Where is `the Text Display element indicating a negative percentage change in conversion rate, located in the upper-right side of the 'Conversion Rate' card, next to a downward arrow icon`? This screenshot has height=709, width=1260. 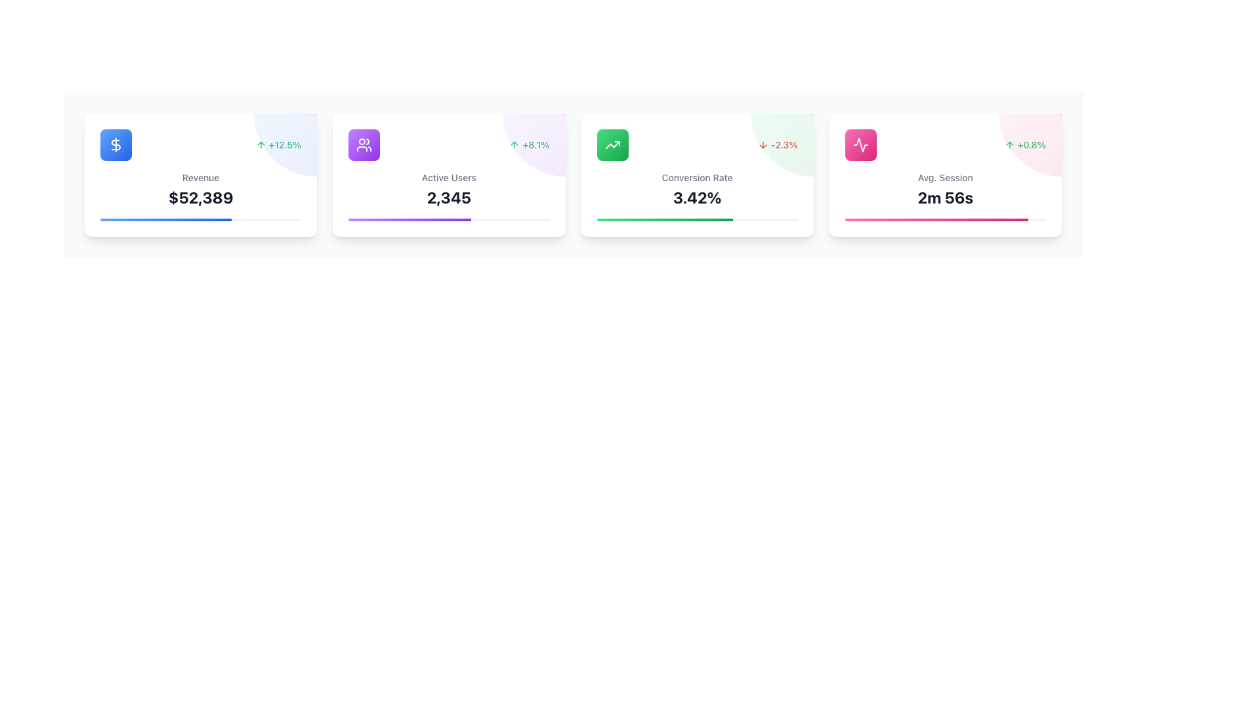 the Text Display element indicating a negative percentage change in conversion rate, located in the upper-right side of the 'Conversion Rate' card, next to a downward arrow icon is located at coordinates (784, 144).